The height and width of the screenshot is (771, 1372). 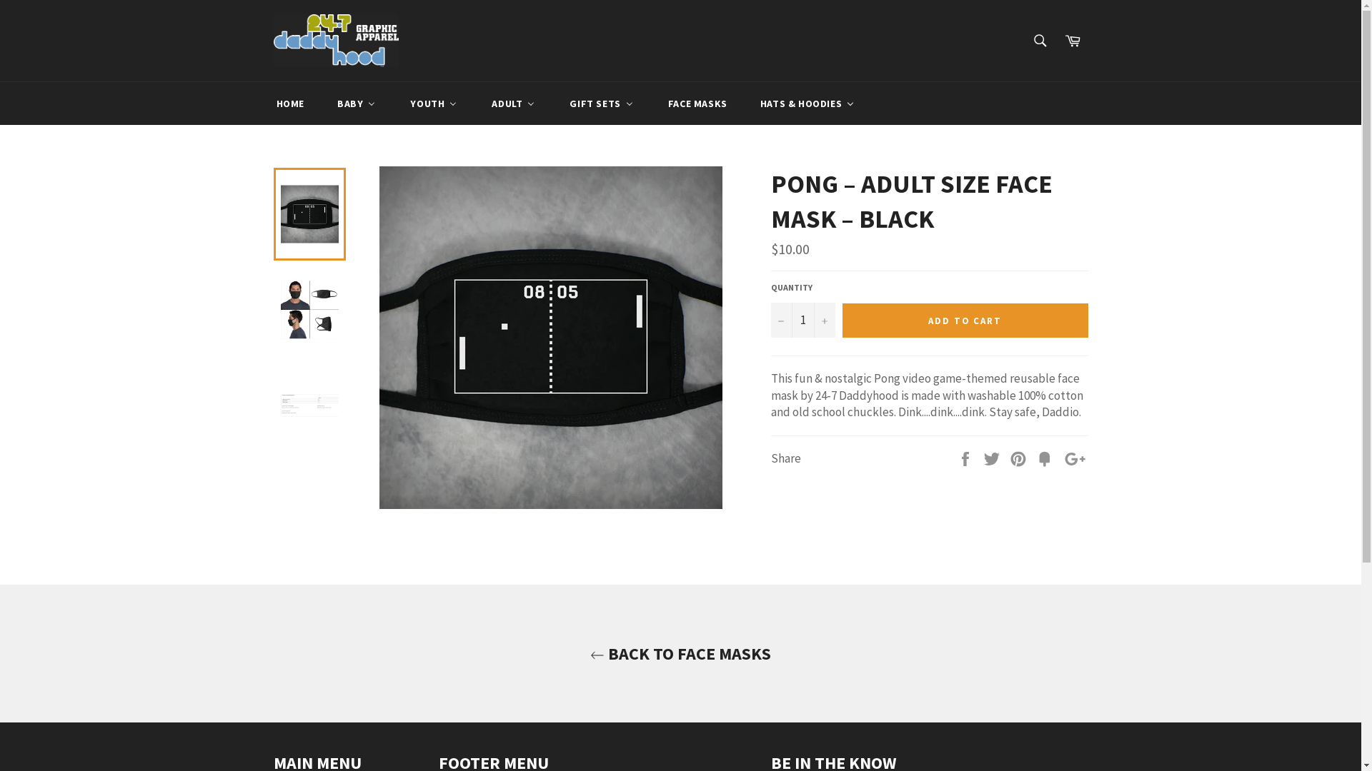 What do you see at coordinates (1008, 458) in the screenshot?
I see `'Pin on Pinterest'` at bounding box center [1008, 458].